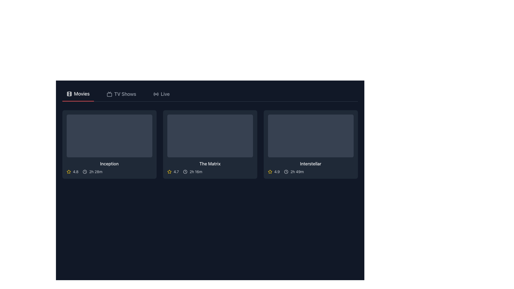 This screenshot has width=514, height=289. I want to click on the SVG circle element of the clock icon located within the second card titled 'The Matrix' under the category 'Movies', which is positioned next to the movie's duration and rating, so click(185, 172).